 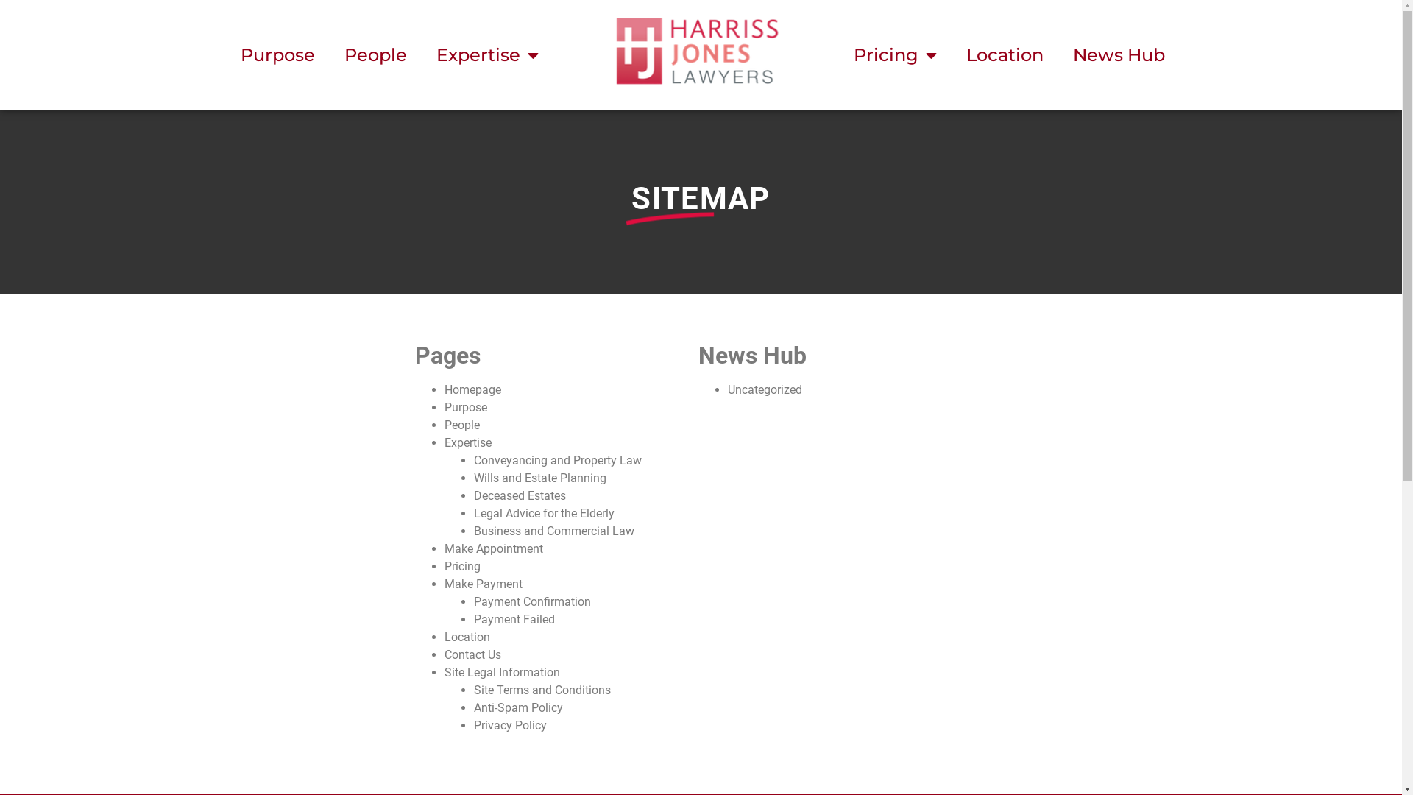 What do you see at coordinates (1004, 54) in the screenshot?
I see `'Location'` at bounding box center [1004, 54].